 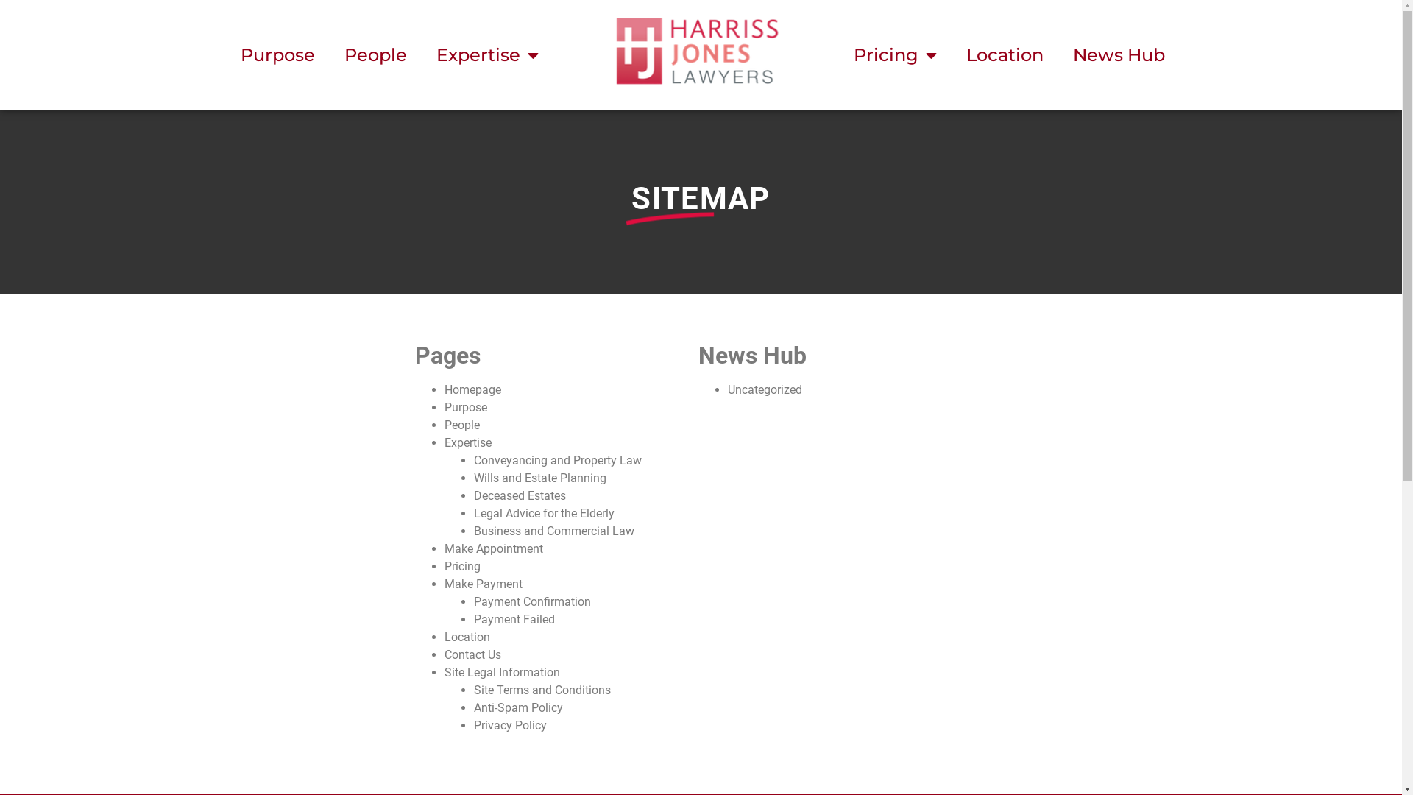 What do you see at coordinates (1004, 54) in the screenshot?
I see `'Location'` at bounding box center [1004, 54].